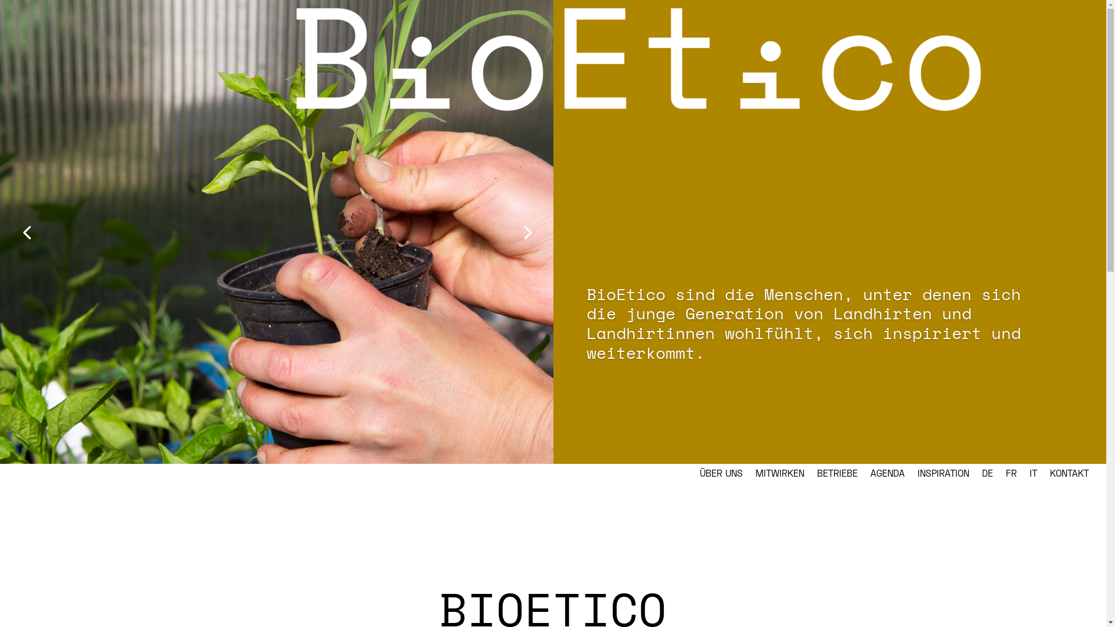 Image resolution: width=1115 pixels, height=627 pixels. I want to click on 'BETRIEBE', so click(816, 475).